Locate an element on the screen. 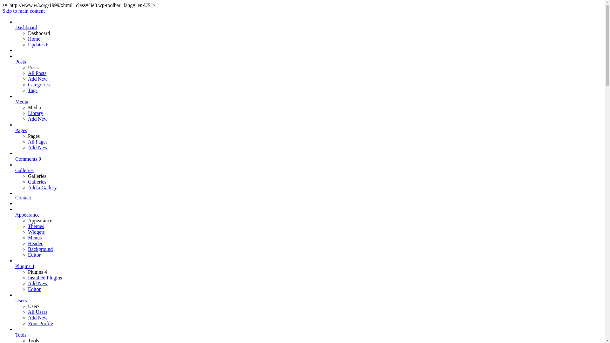  'Header' is located at coordinates (35, 243).